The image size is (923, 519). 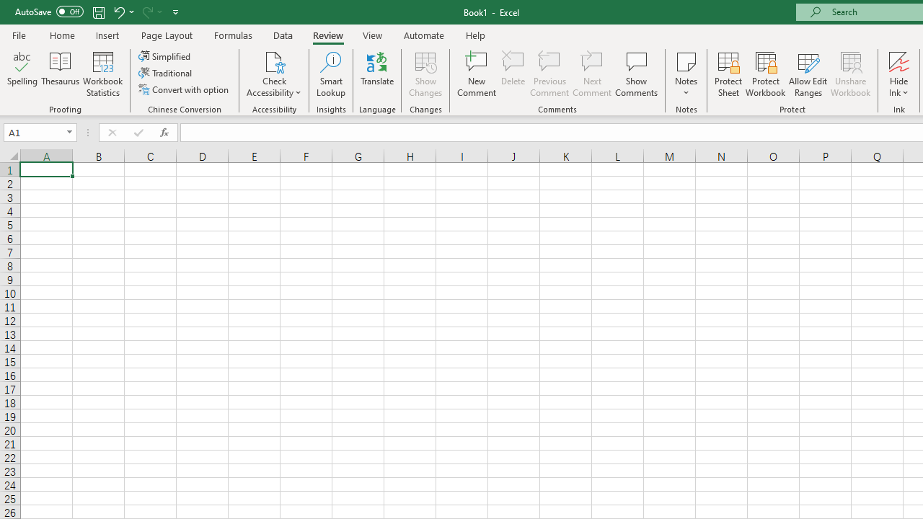 What do you see at coordinates (167, 73) in the screenshot?
I see `'Traditional'` at bounding box center [167, 73].